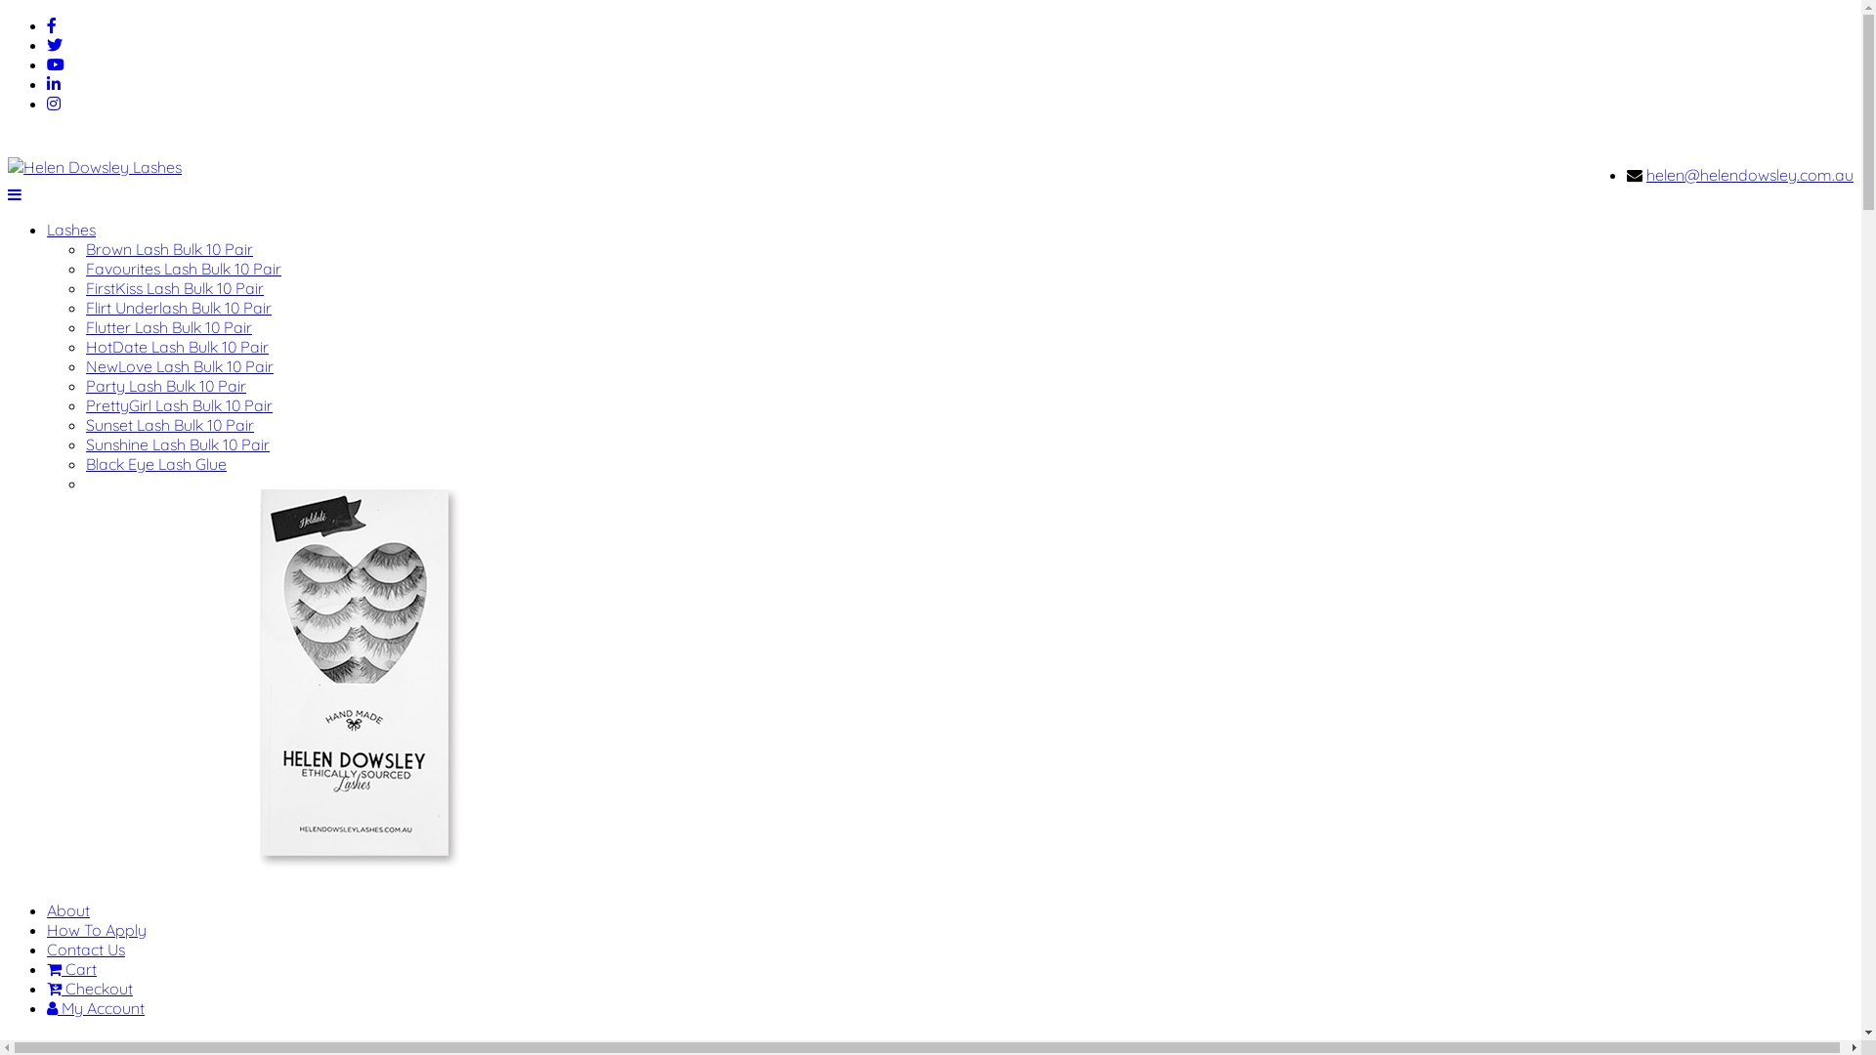  What do you see at coordinates (179, 365) in the screenshot?
I see `'NewLove Lash Bulk 10 Pair'` at bounding box center [179, 365].